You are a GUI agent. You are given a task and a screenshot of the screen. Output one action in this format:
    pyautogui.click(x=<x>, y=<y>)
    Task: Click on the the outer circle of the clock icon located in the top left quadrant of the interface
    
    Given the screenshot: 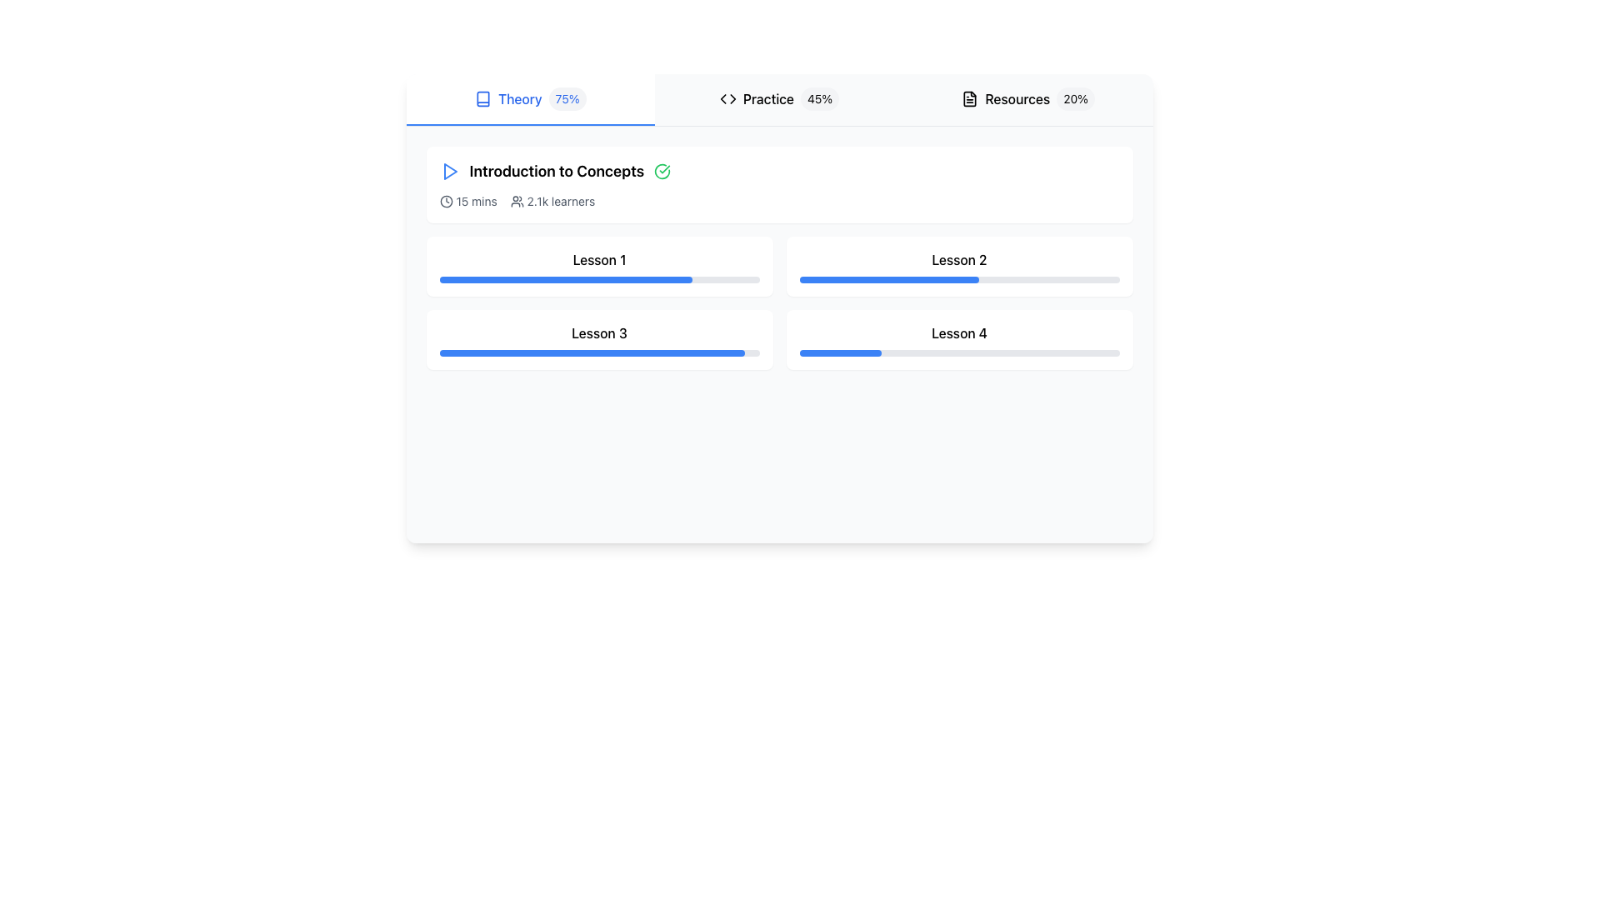 What is the action you would take?
    pyautogui.click(x=446, y=201)
    